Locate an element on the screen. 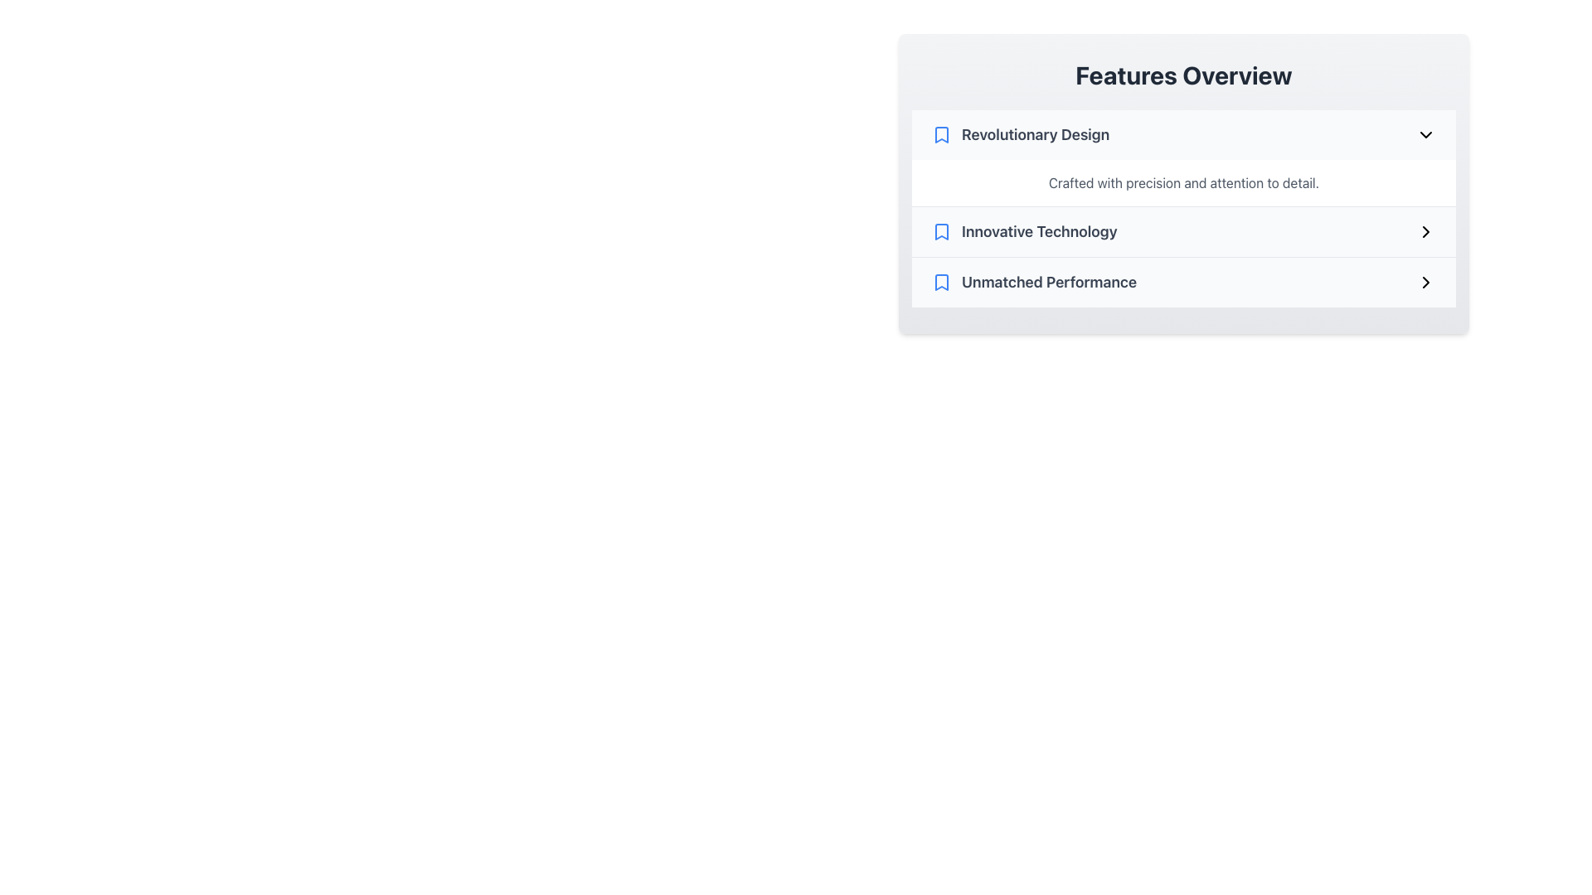  the Text label indicating the topic or feature in the 'Features Overview' section, which is the first item in the vertical list is located at coordinates (1035, 133).